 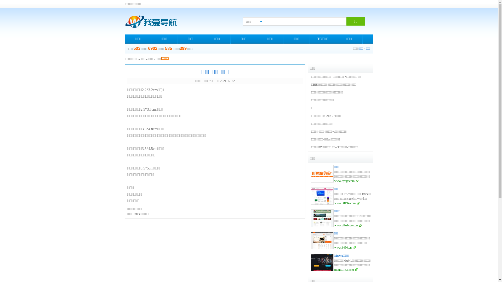 What do you see at coordinates (347, 203) in the screenshot?
I see `'www.58194.com'` at bounding box center [347, 203].